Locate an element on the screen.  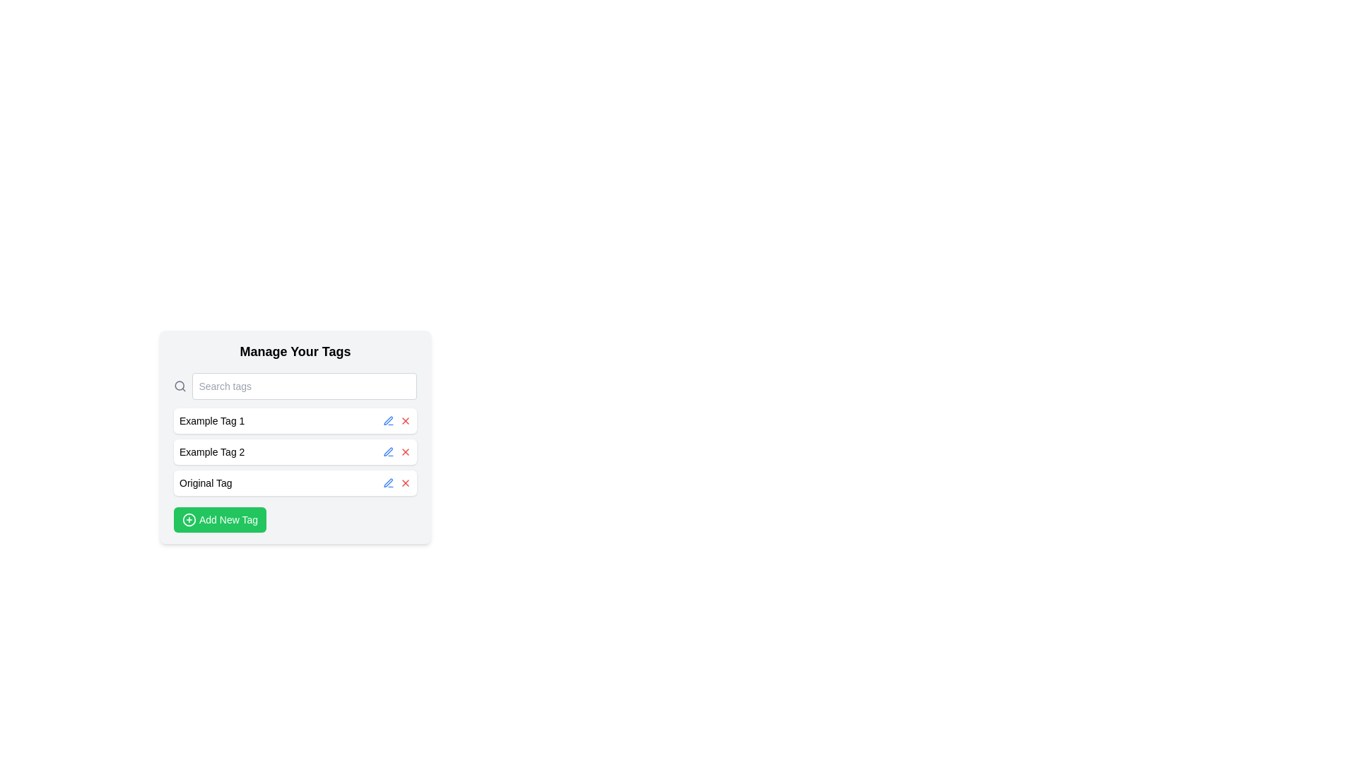
the delete button located to the right of the 'Original Tag' text is located at coordinates (405, 482).